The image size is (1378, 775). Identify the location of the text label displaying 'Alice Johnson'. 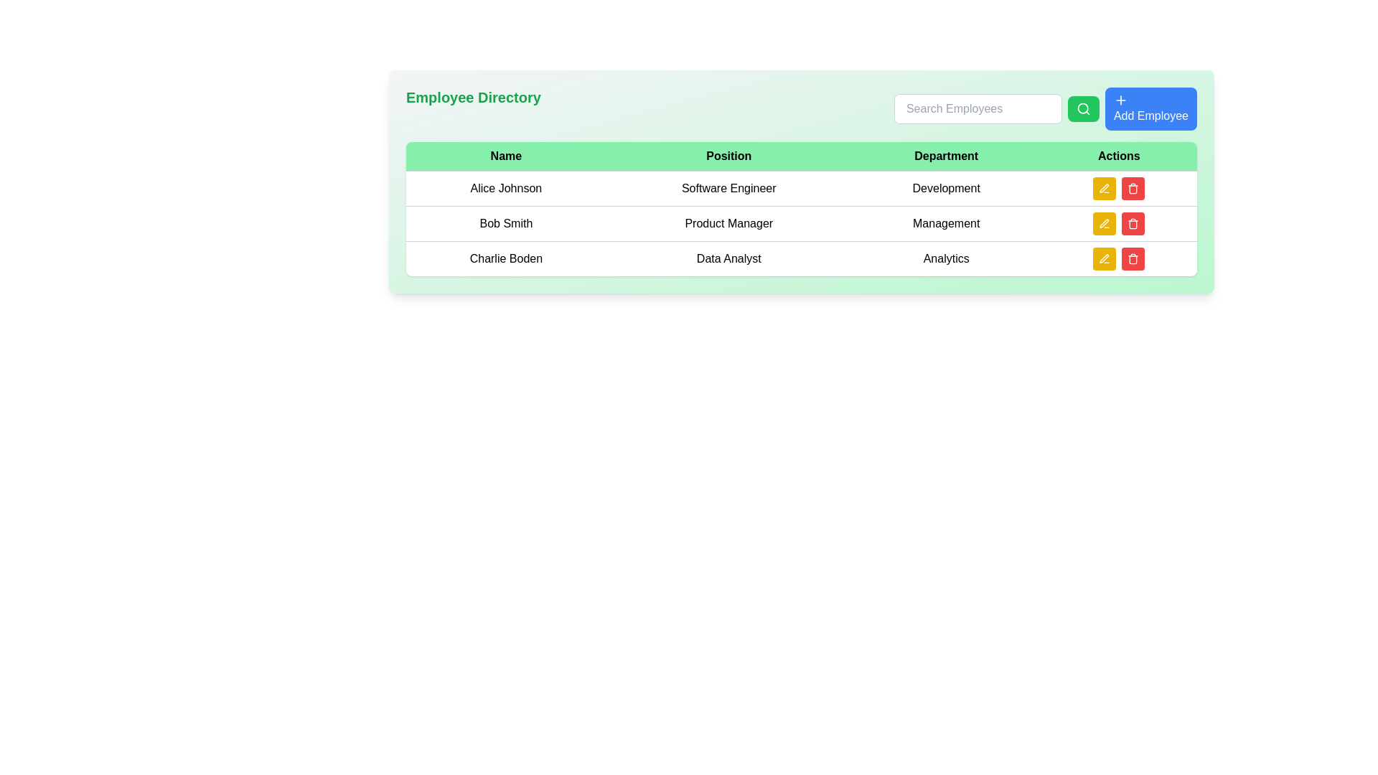
(506, 187).